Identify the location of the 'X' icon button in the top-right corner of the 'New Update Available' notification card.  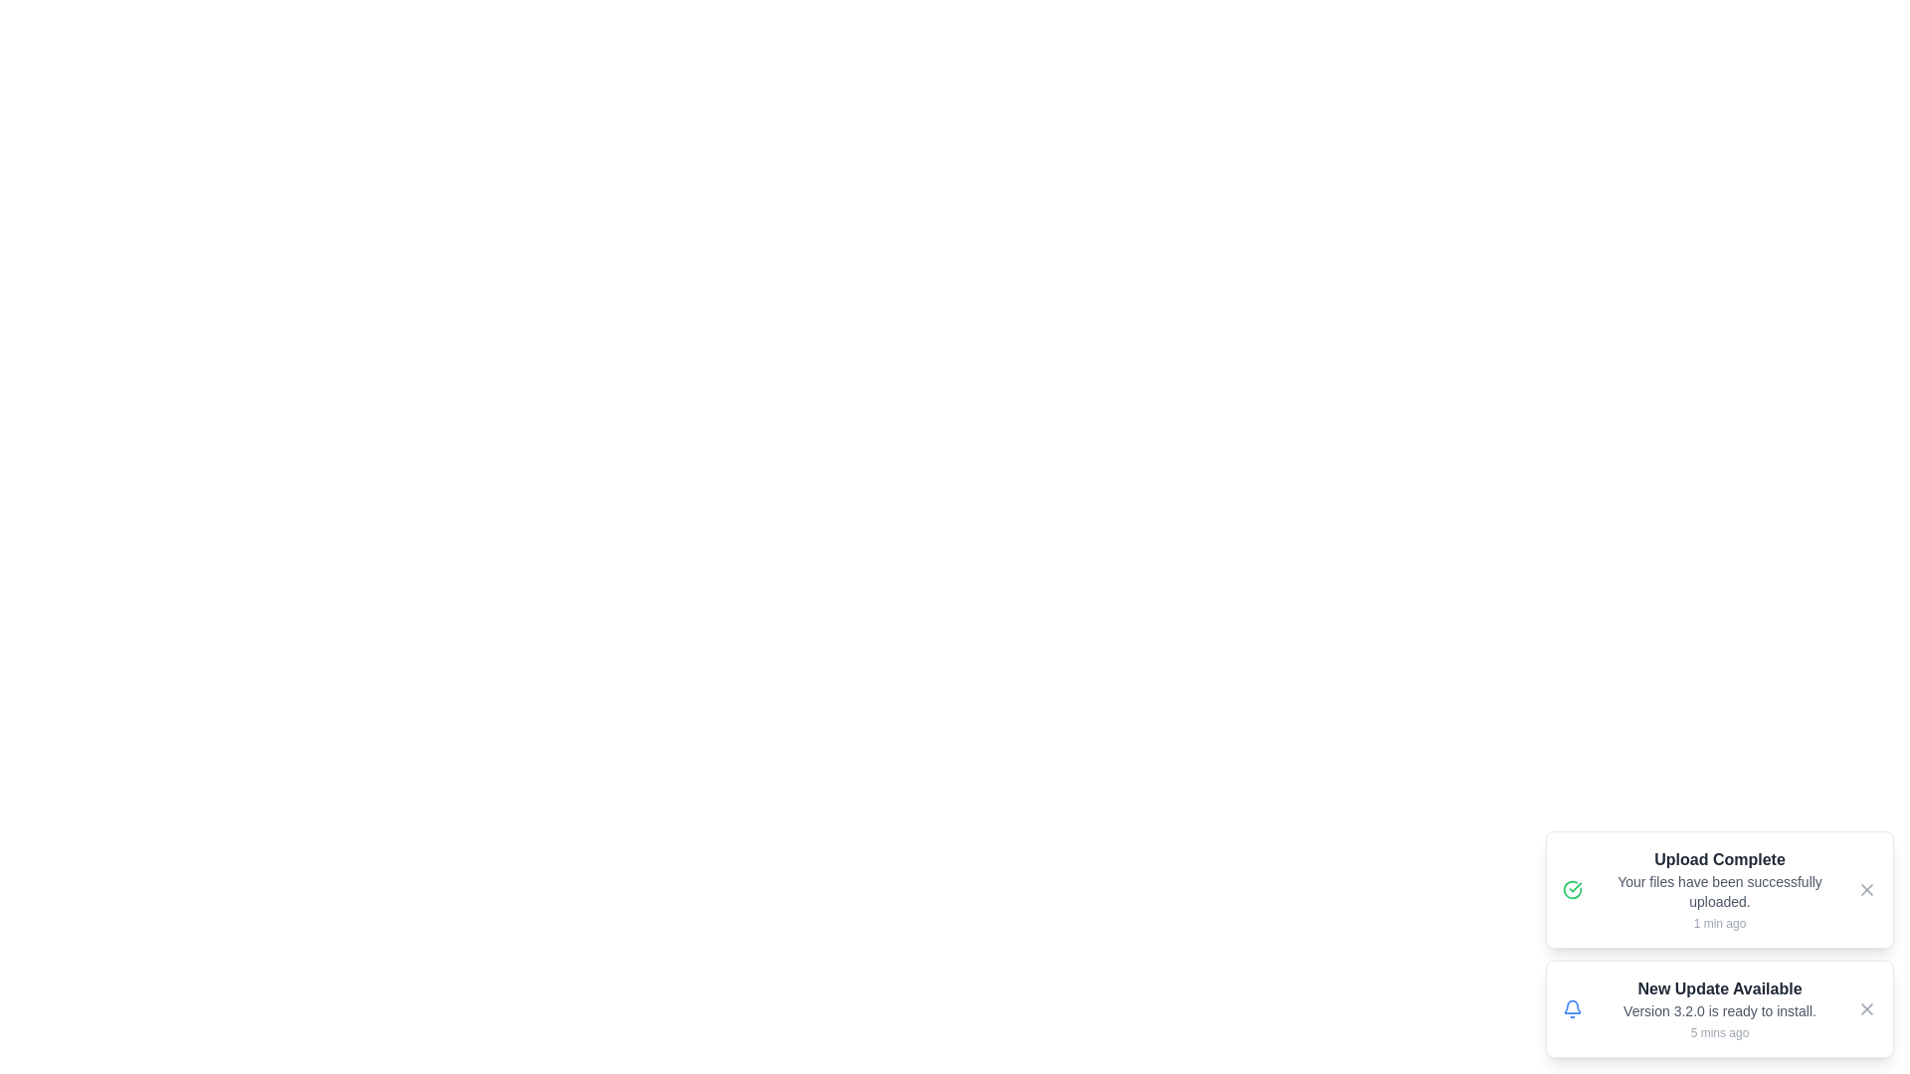
(1865, 1008).